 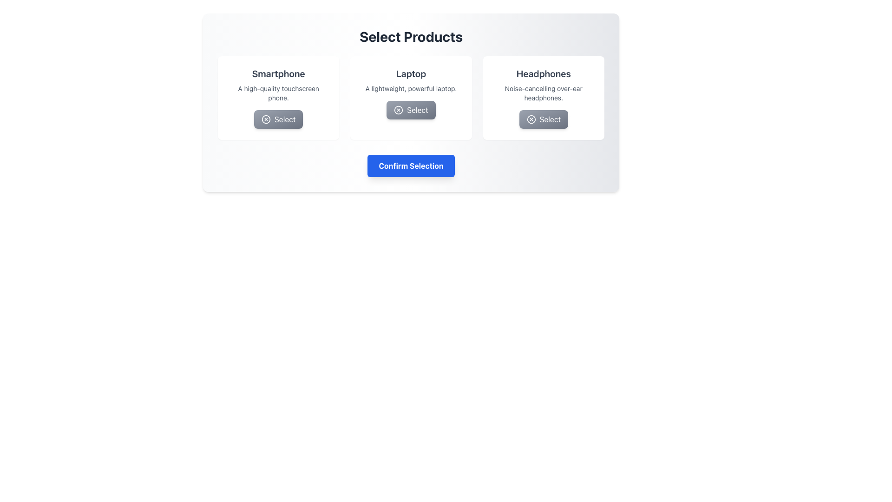 What do you see at coordinates (544, 119) in the screenshot?
I see `the 'Headphones' selection button to trigger visual feedback such as a shadow or scale effect` at bounding box center [544, 119].